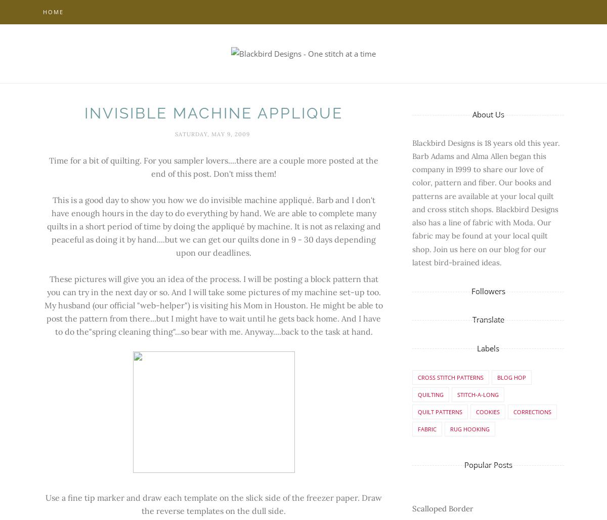 The height and width of the screenshot is (520, 607). What do you see at coordinates (488, 465) in the screenshot?
I see `'Popular Posts'` at bounding box center [488, 465].